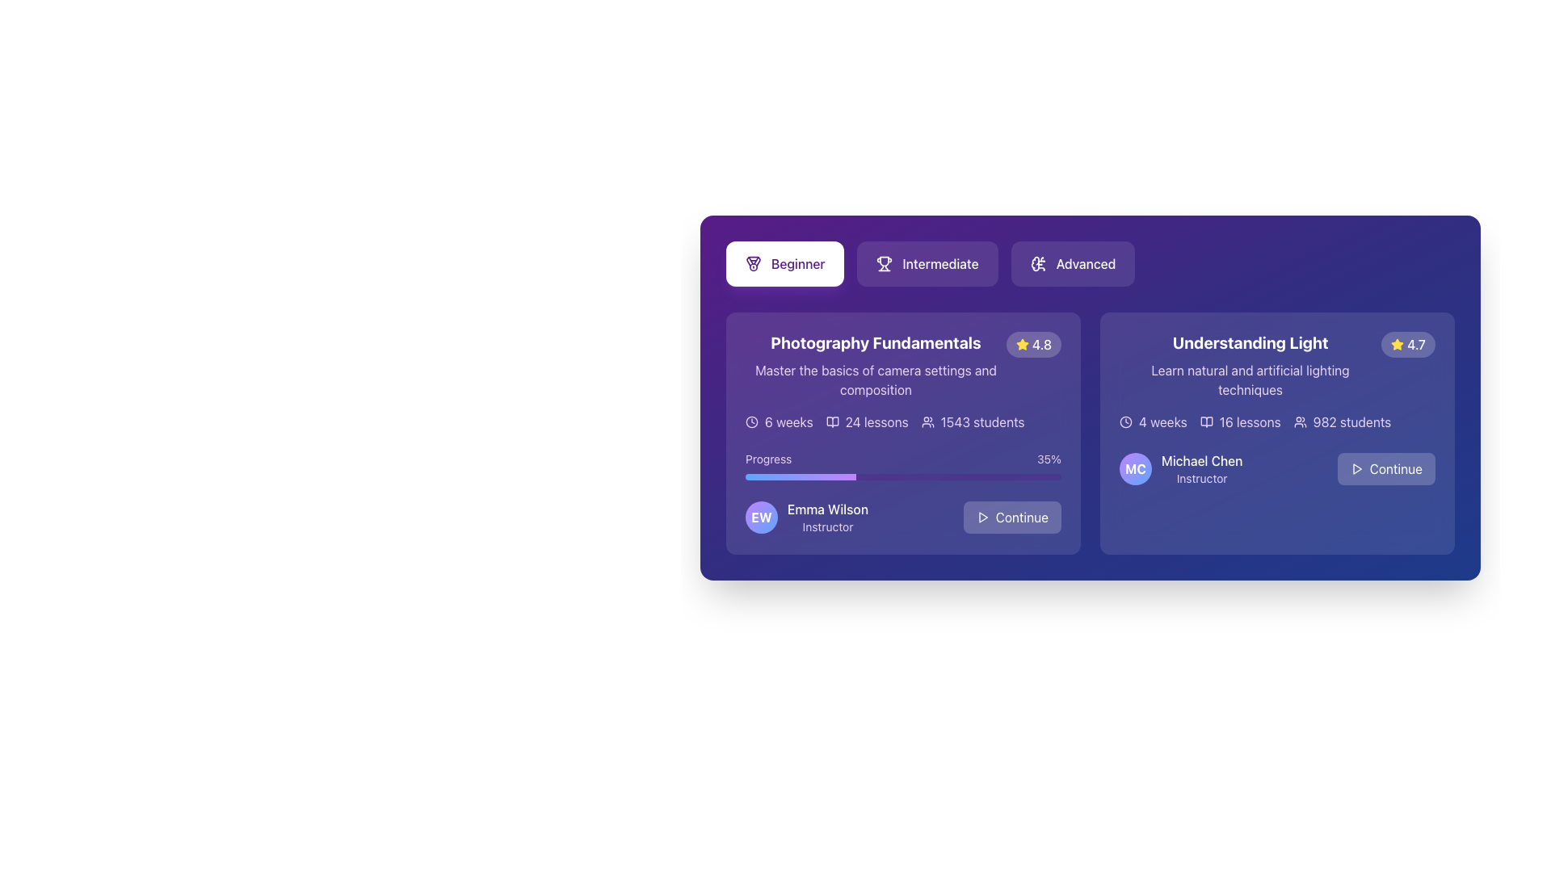 This screenshot has width=1551, height=872. Describe the element at coordinates (981, 517) in the screenshot. I see `the play icon located to the left of the 'Continue' text on the button in the lower right corner of the 'Photography Fundamentals' card` at that location.